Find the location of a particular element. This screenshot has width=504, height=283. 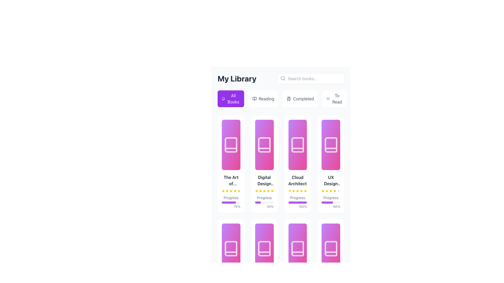

the bookmark icon located within the 'Completed' menu item in the top navigation bar, positioned to the left of the text label is located at coordinates (288, 99).